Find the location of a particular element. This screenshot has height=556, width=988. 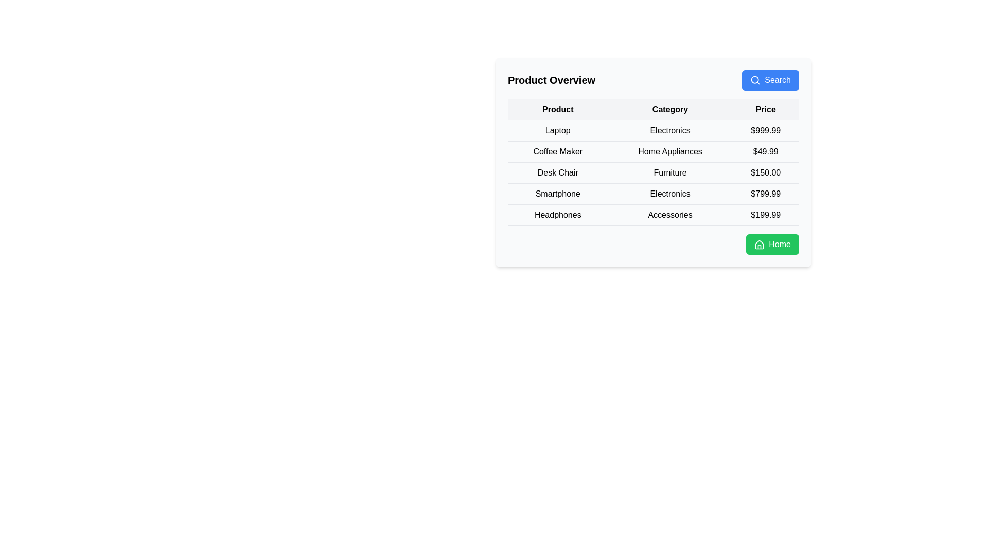

on the third row of the table displaying 'Desk Chair' in the 'Product' column is located at coordinates (653, 172).